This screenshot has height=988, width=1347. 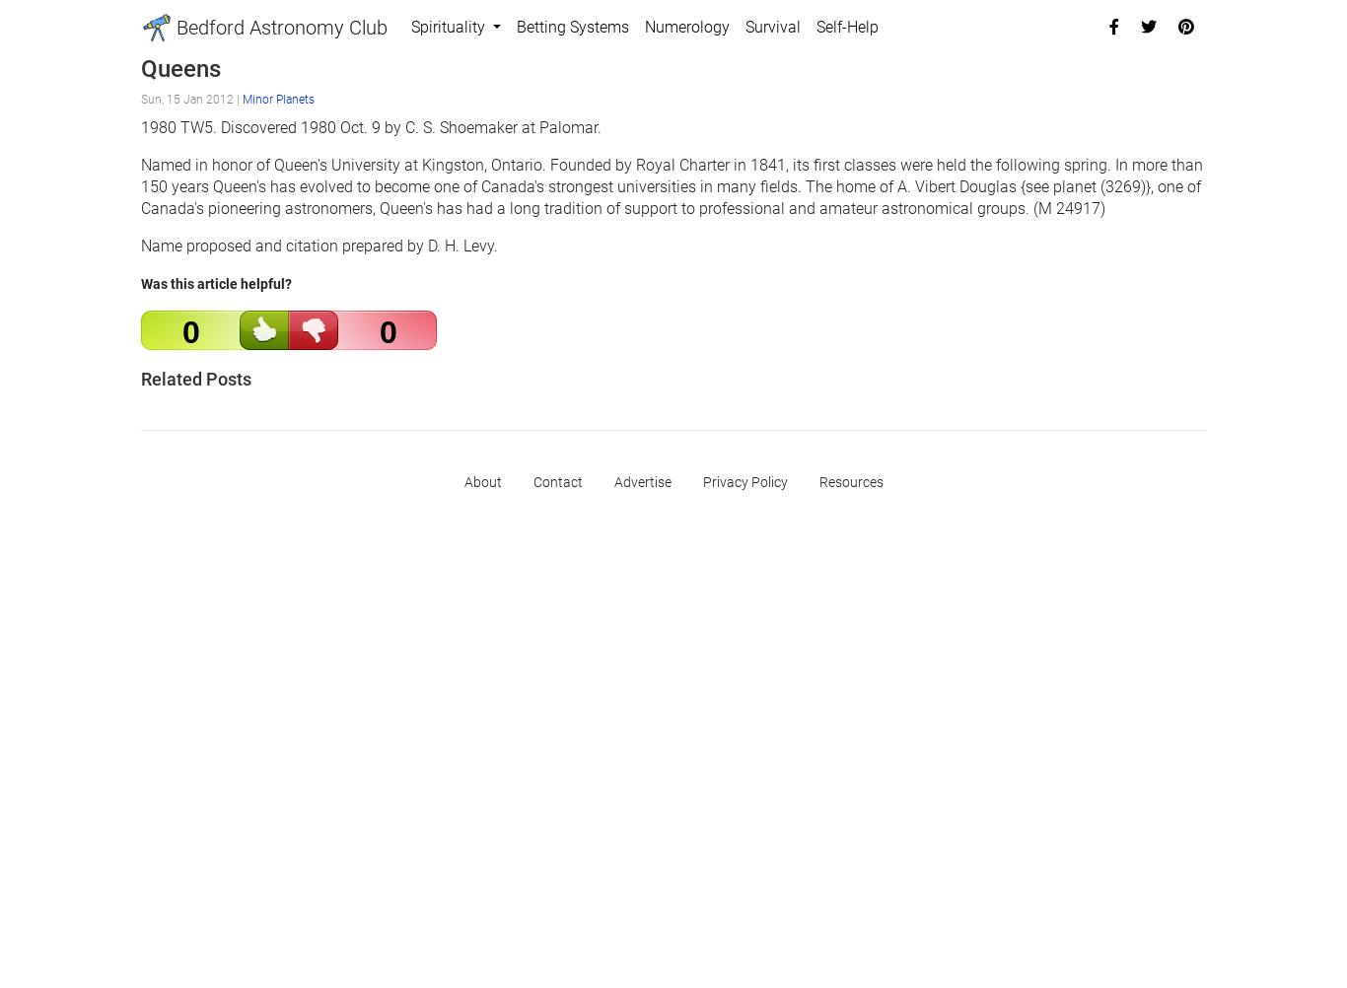 What do you see at coordinates (671, 185) in the screenshot?
I see `'Named in honor of Queen's University at Kingston, Ontario. Founded by Royal Charter in 1841, its first classes were held the following spring. In more than 150 years Queen's has evolved to become one of Canada's strongest universities in many fields. The home of A. Vibert Douglas {see planet (3269)}, one of Canada's pioneering astronomers, Queen's has had a long tradition of support to professional and amateur astronomical groups. (M 24917)'` at bounding box center [671, 185].